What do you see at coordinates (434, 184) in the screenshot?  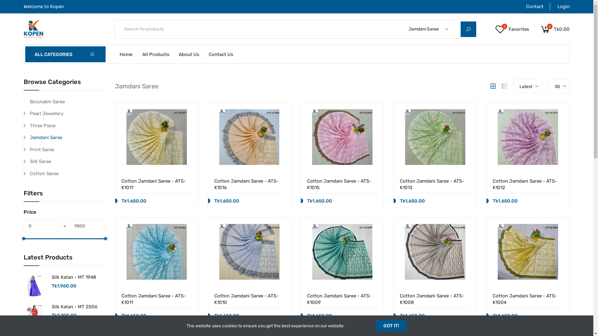 I see `'Cotton Jamdani Saree - ATS-K1013'` at bounding box center [434, 184].